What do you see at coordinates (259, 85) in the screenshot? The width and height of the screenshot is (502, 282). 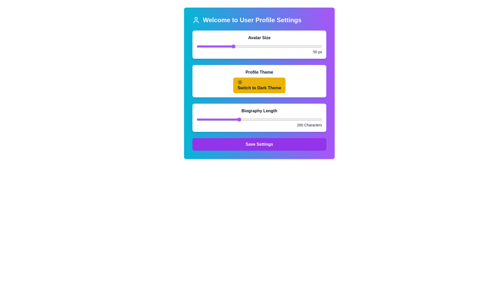 I see `the 'Switch to Dark Theme' button, which is a rectangular button with rounded corners and a bright yellow background located within the 'Profile Theme' section` at bounding box center [259, 85].